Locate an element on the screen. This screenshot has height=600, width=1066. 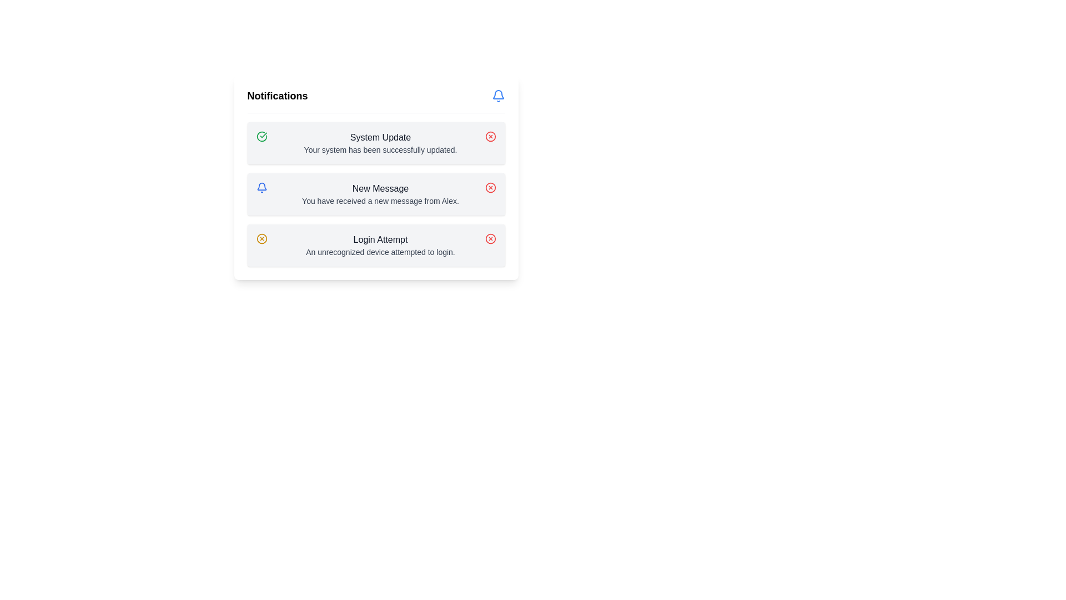
text content of the small-sized gray text label that says 'You have received a new message from Alex.', positioned directly beneath the header 'New Message' is located at coordinates (380, 201).